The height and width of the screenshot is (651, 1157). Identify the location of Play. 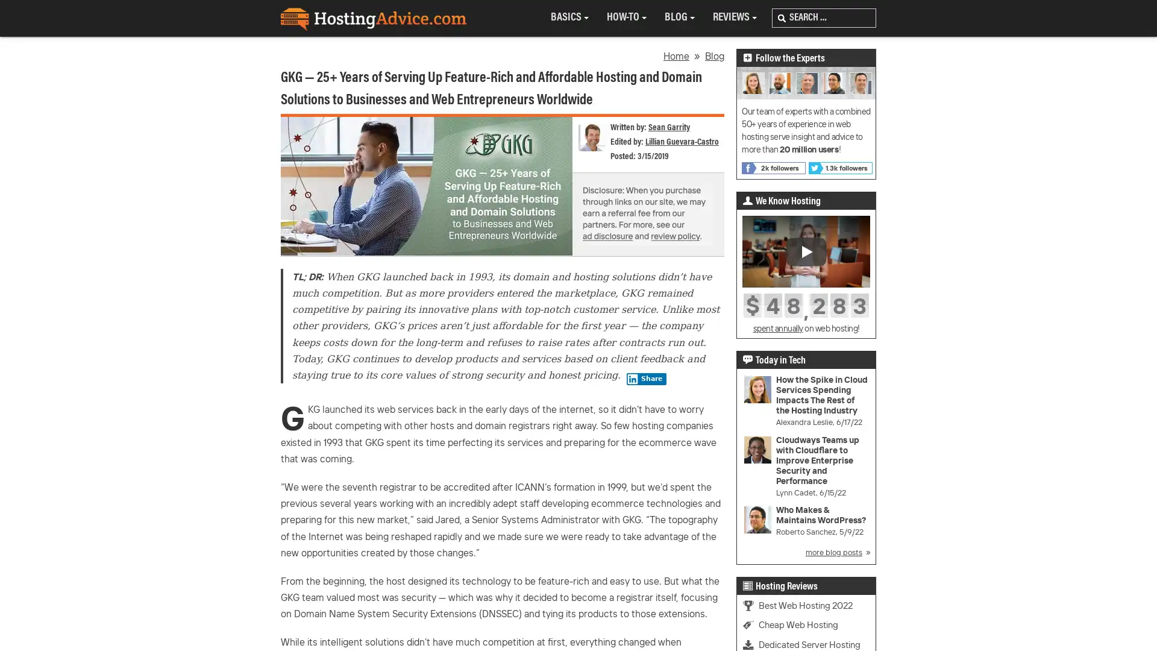
(806, 250).